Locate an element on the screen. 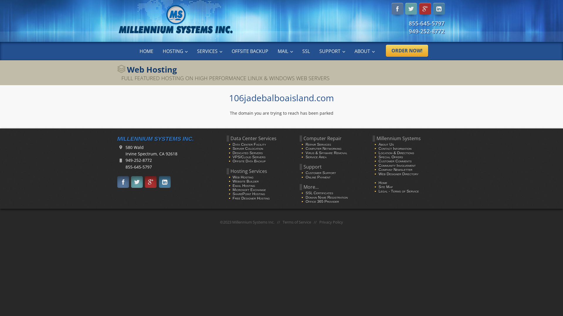 The width and height of the screenshot is (563, 316). 'Privacy Policy' is located at coordinates (331, 222).